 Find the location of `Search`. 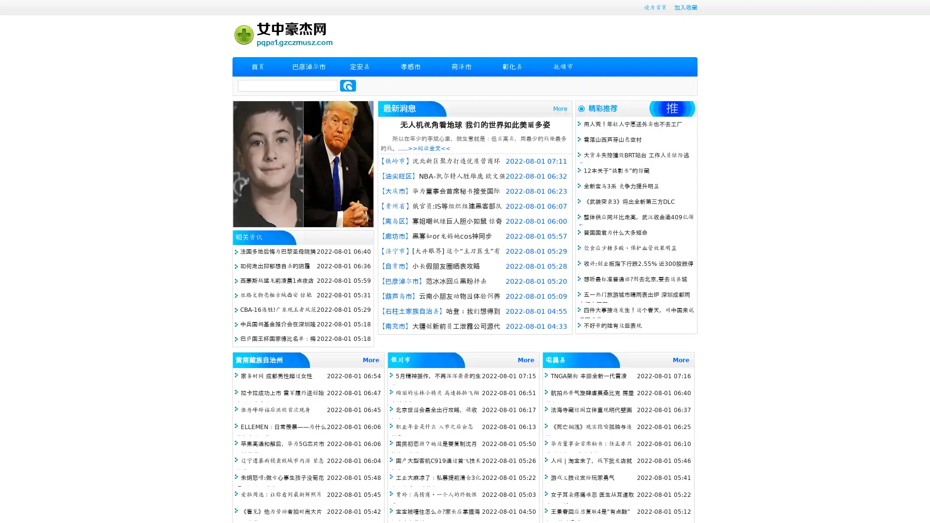

Search is located at coordinates (348, 85).